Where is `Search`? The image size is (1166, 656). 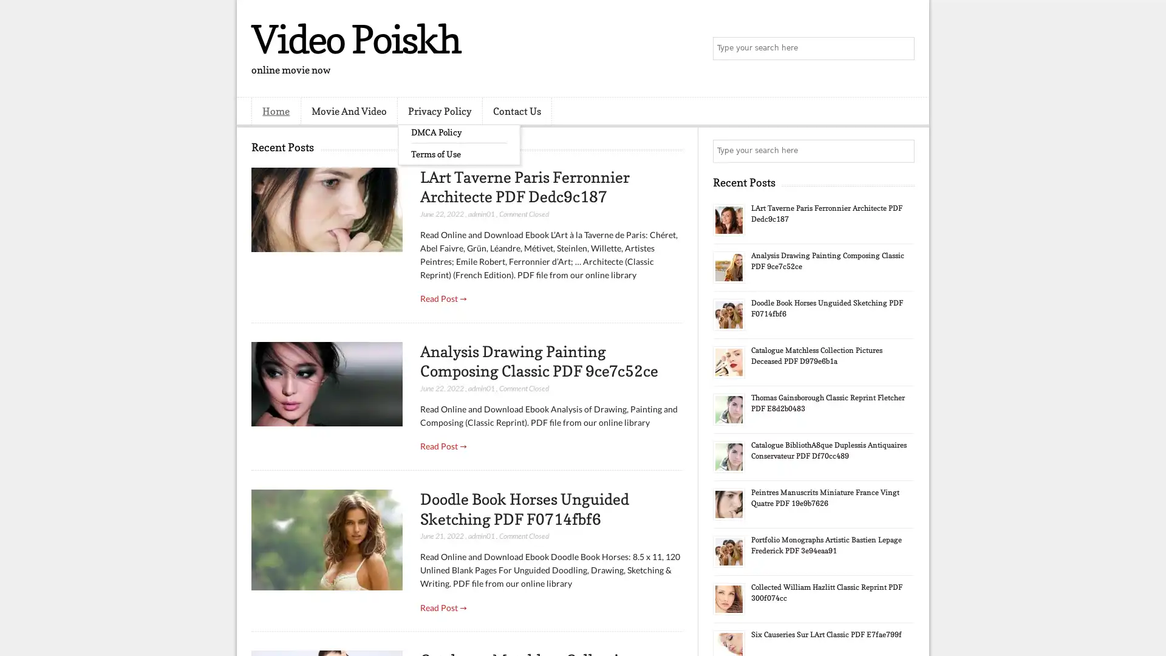
Search is located at coordinates (902, 49).